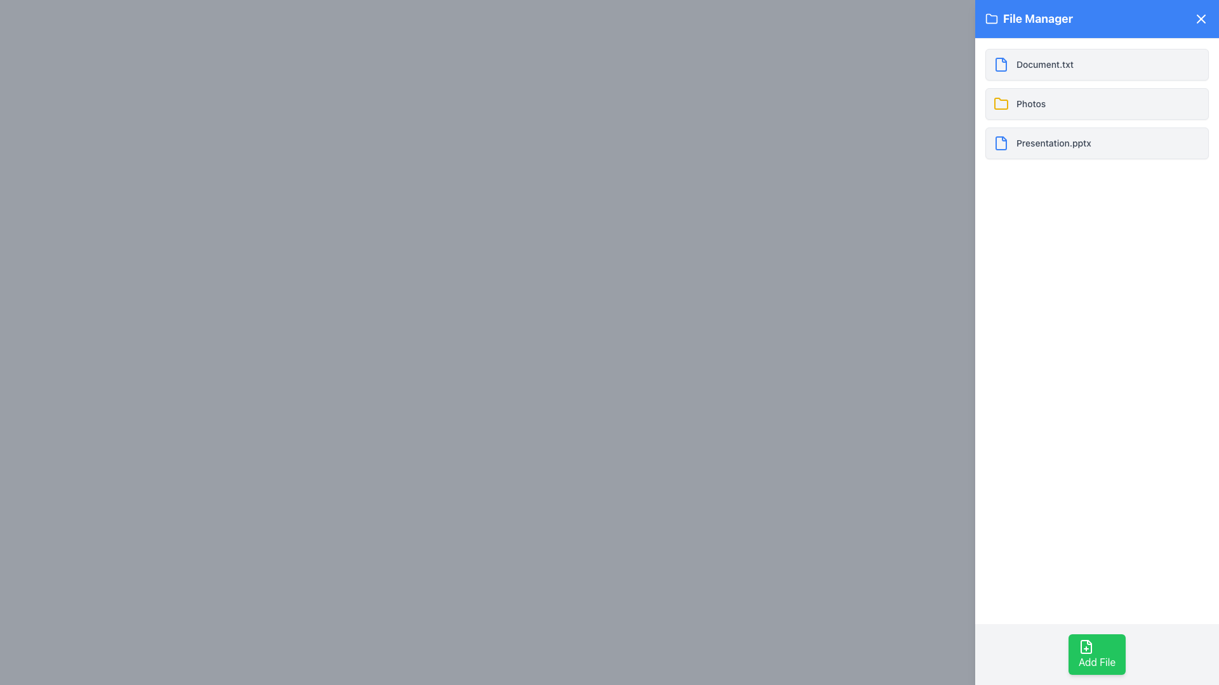  I want to click on the main body of the document-like icon within the 'Add File' green button located at the bottom-right corner of the application, so click(1085, 646).